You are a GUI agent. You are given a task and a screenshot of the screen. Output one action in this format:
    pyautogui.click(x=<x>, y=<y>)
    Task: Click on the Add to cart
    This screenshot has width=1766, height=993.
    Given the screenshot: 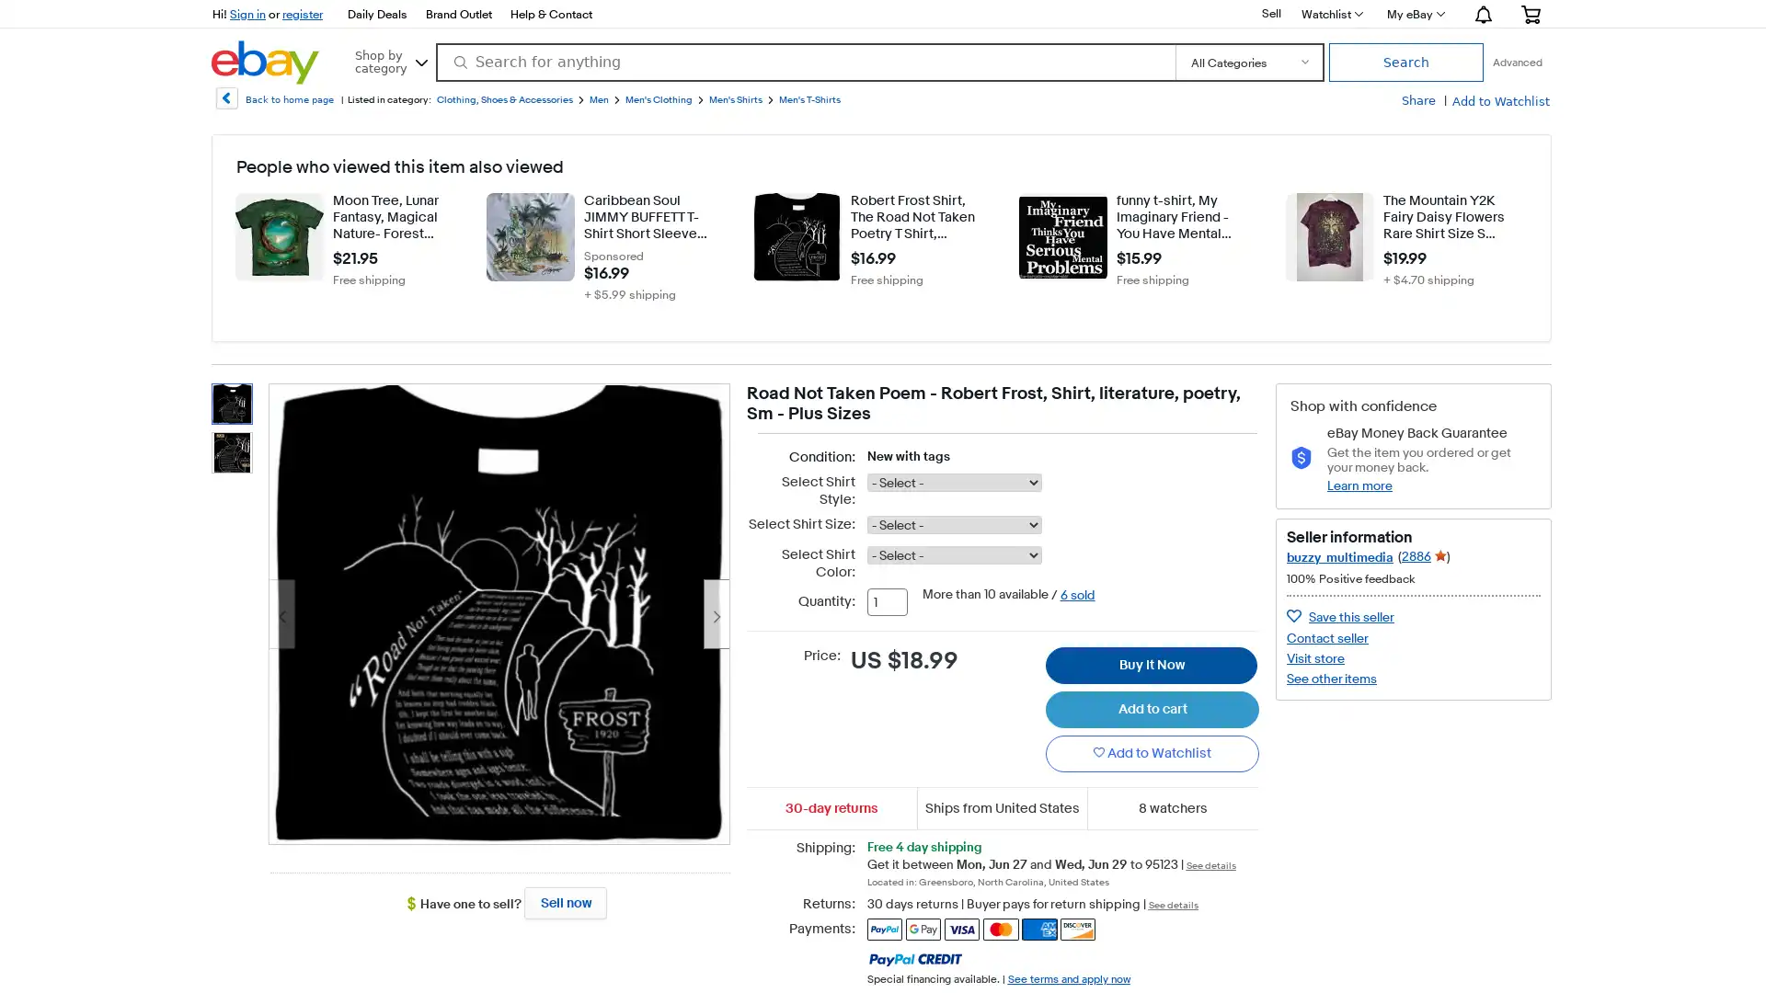 What is the action you would take?
    pyautogui.click(x=1151, y=708)
    